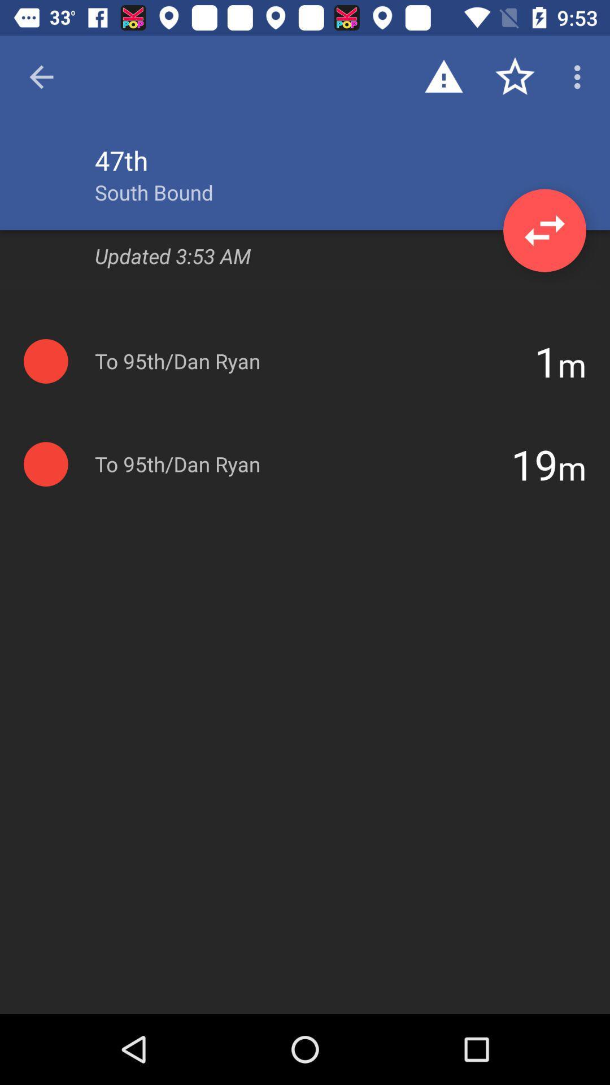  I want to click on the item to the right of the south bound, so click(544, 230).